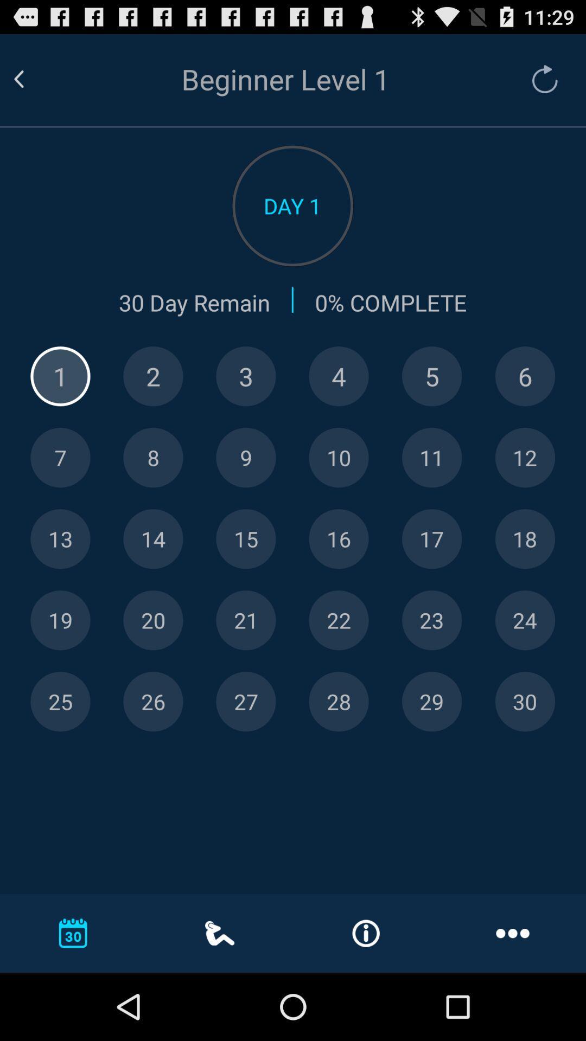 The width and height of the screenshot is (586, 1041). What do you see at coordinates (60, 376) in the screenshot?
I see `keyboard` at bounding box center [60, 376].